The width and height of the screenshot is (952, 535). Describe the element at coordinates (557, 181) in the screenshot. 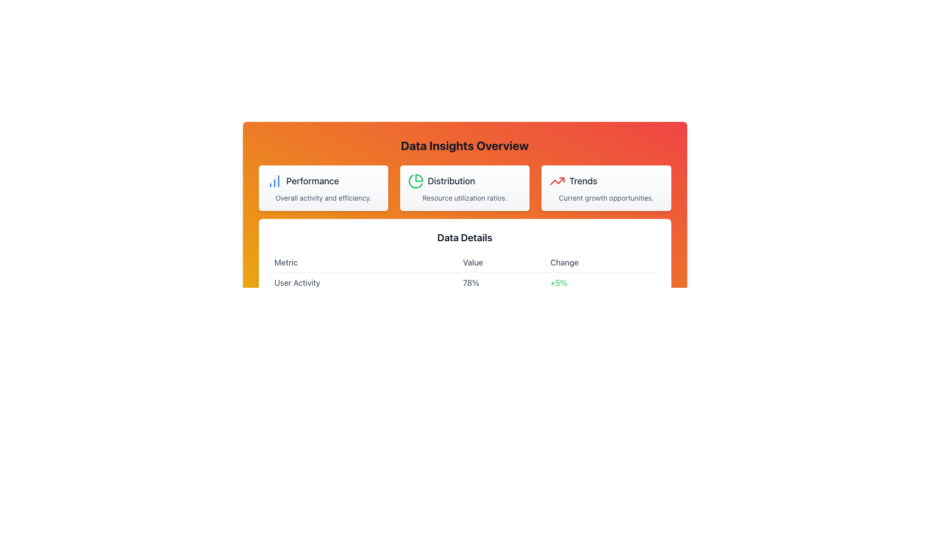

I see `the growth or improvement trends icon located in the upper-right corner of the main panel, adjacent to the 'Trends' text` at that location.